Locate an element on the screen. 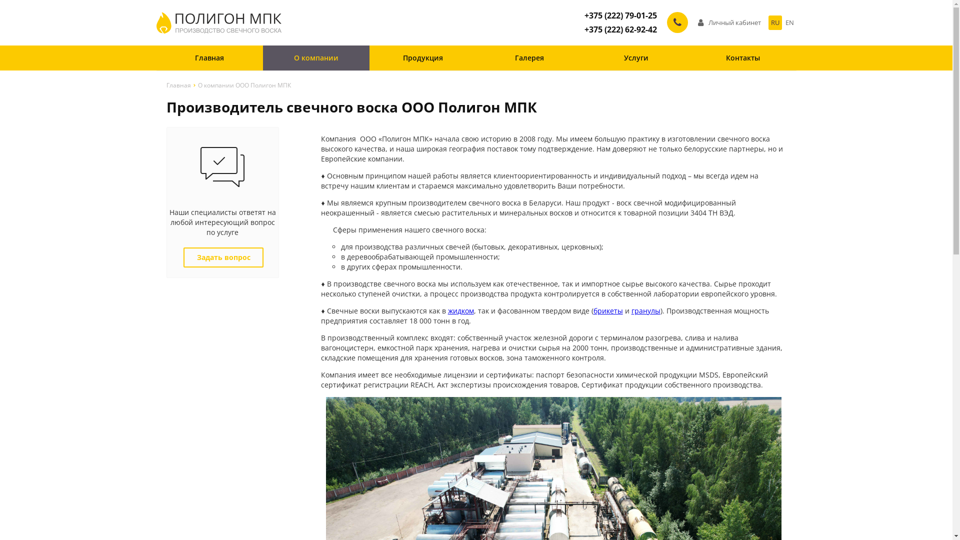 The width and height of the screenshot is (960, 540). '+375 (222) 62-92-42' is located at coordinates (619, 29).